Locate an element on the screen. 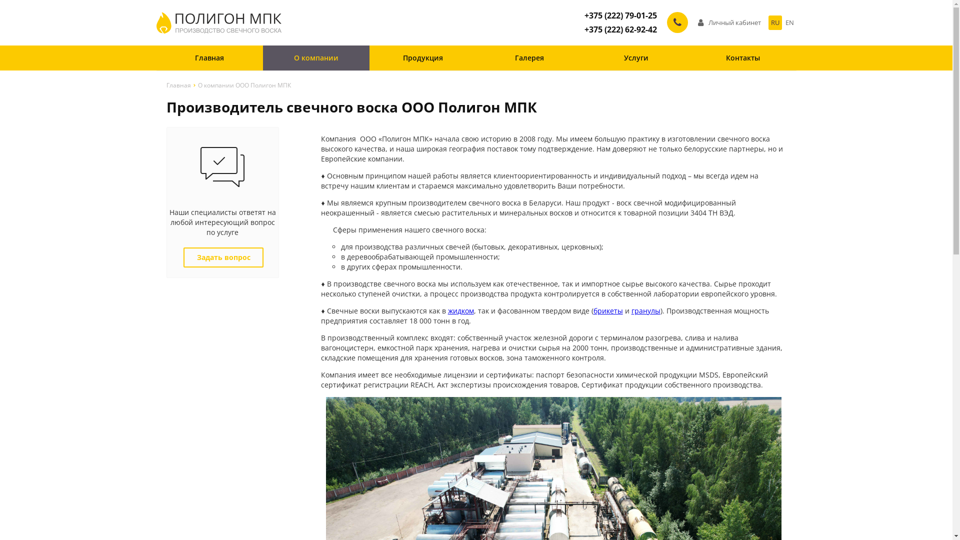 The width and height of the screenshot is (960, 540). '+375 (222) 62-92-42' is located at coordinates (619, 29).